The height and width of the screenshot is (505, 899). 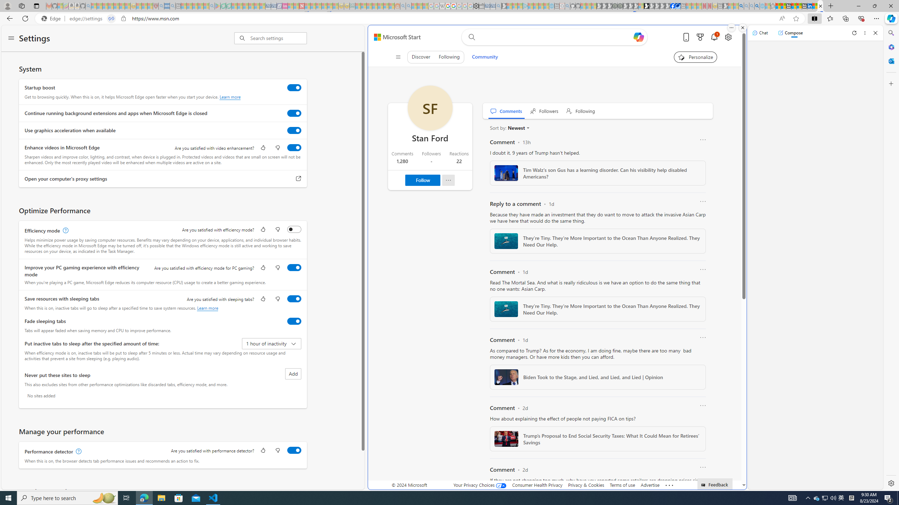 What do you see at coordinates (294, 450) in the screenshot?
I see `'Performance detector'` at bounding box center [294, 450].